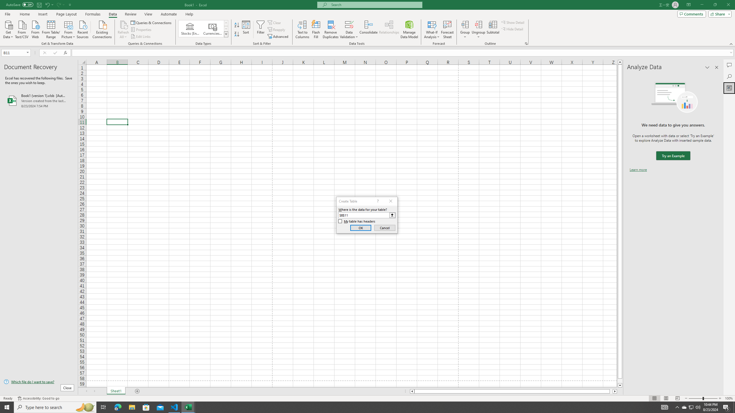 The height and width of the screenshot is (413, 735). I want to click on 'Formulas', so click(93, 14).